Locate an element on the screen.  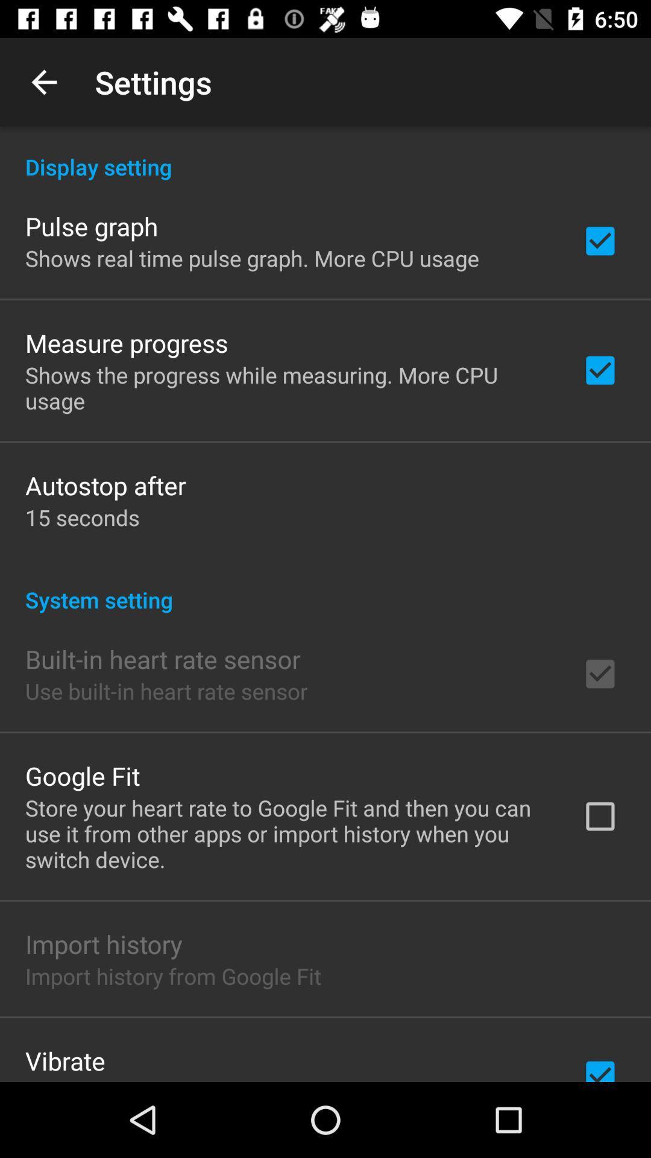
measure progress icon is located at coordinates (127, 342).